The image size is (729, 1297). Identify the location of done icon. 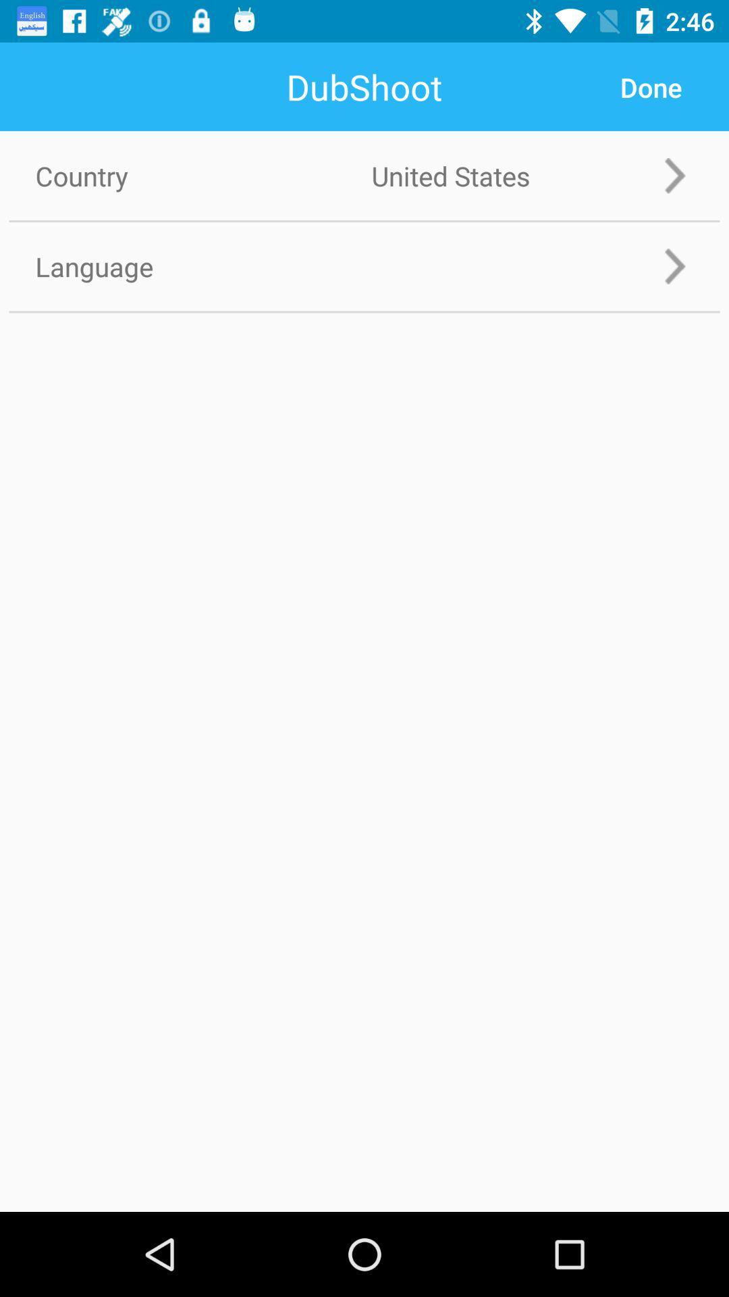
(650, 86).